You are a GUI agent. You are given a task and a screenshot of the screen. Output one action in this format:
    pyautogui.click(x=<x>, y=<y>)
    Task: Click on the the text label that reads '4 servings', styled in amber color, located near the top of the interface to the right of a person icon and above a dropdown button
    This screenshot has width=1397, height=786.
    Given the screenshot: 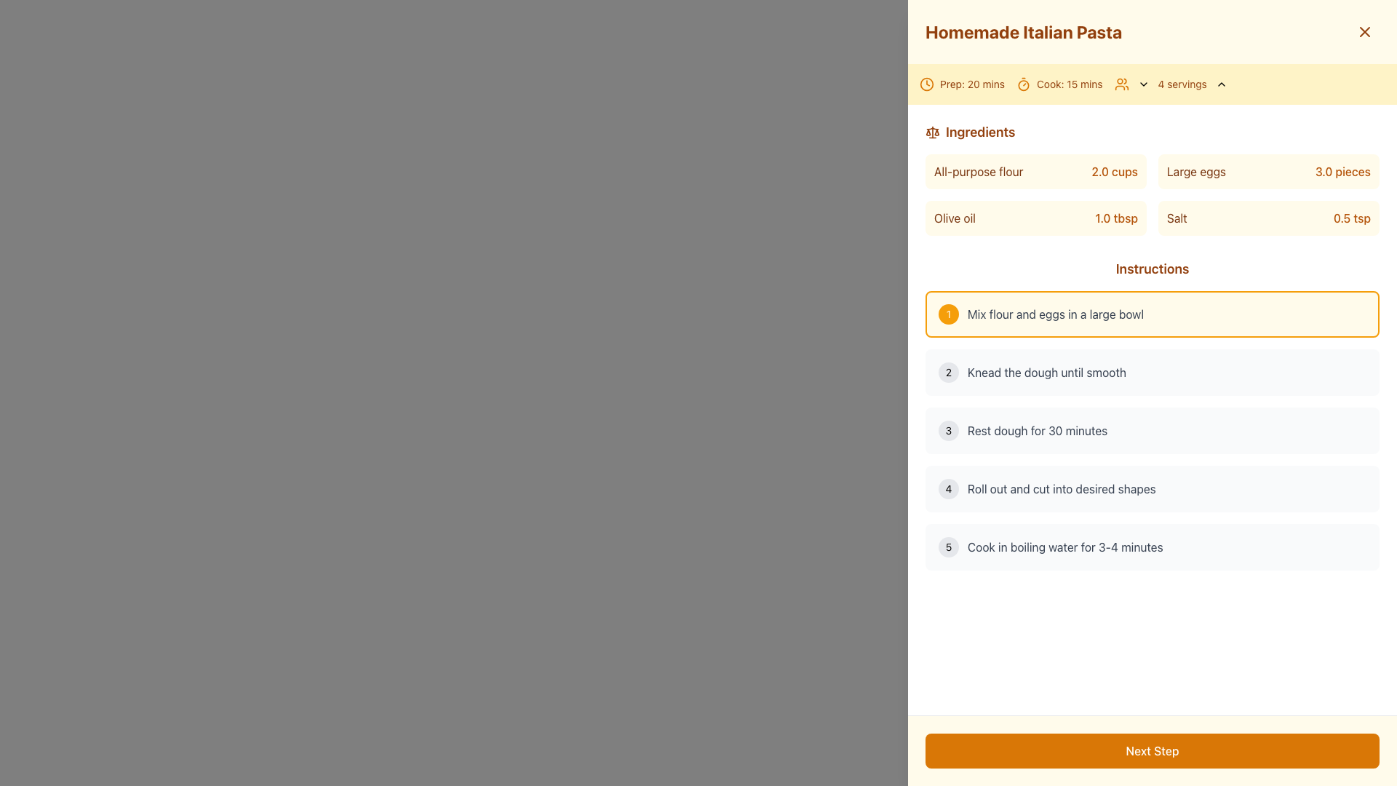 What is the action you would take?
    pyautogui.click(x=1182, y=84)
    